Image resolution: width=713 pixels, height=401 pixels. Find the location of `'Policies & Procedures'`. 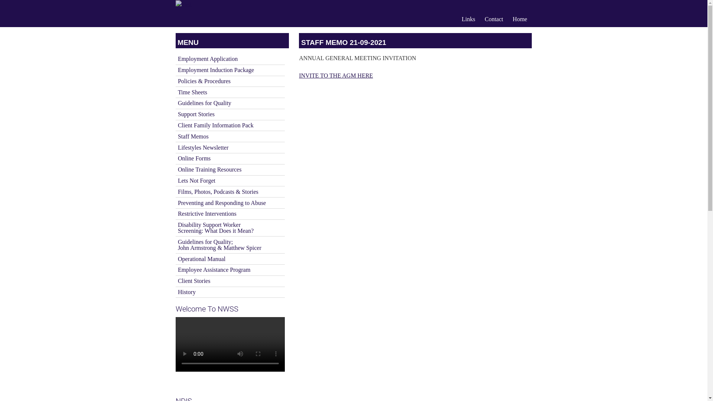

'Policies & Procedures' is located at coordinates (229, 81).